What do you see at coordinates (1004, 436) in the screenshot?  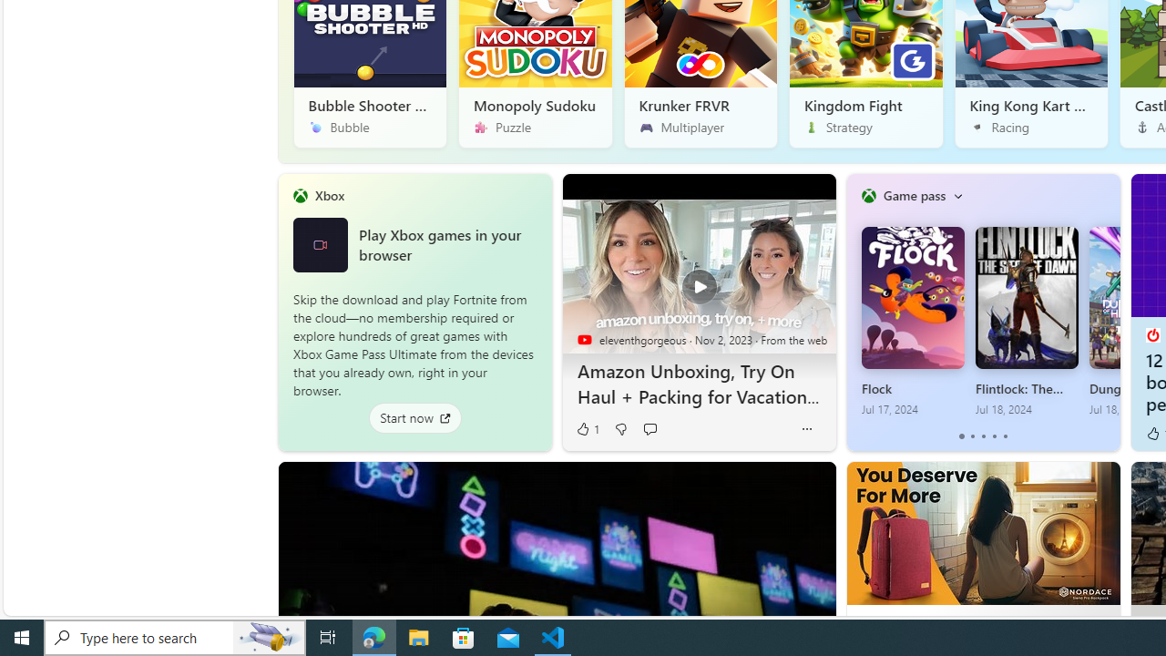 I see `'tab-4'` at bounding box center [1004, 436].